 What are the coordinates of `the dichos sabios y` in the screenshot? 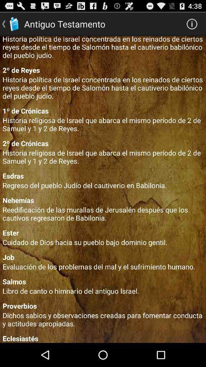 It's located at (103, 319).